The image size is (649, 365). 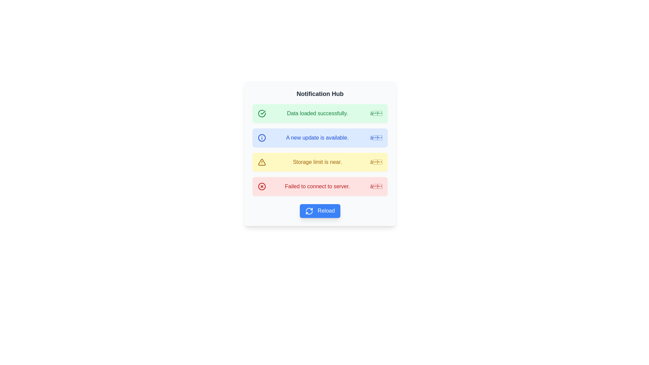 What do you see at coordinates (261, 162) in the screenshot?
I see `the triangular warning icon located to the left of the text 'Storage limit is near.' in the second notification entry` at bounding box center [261, 162].